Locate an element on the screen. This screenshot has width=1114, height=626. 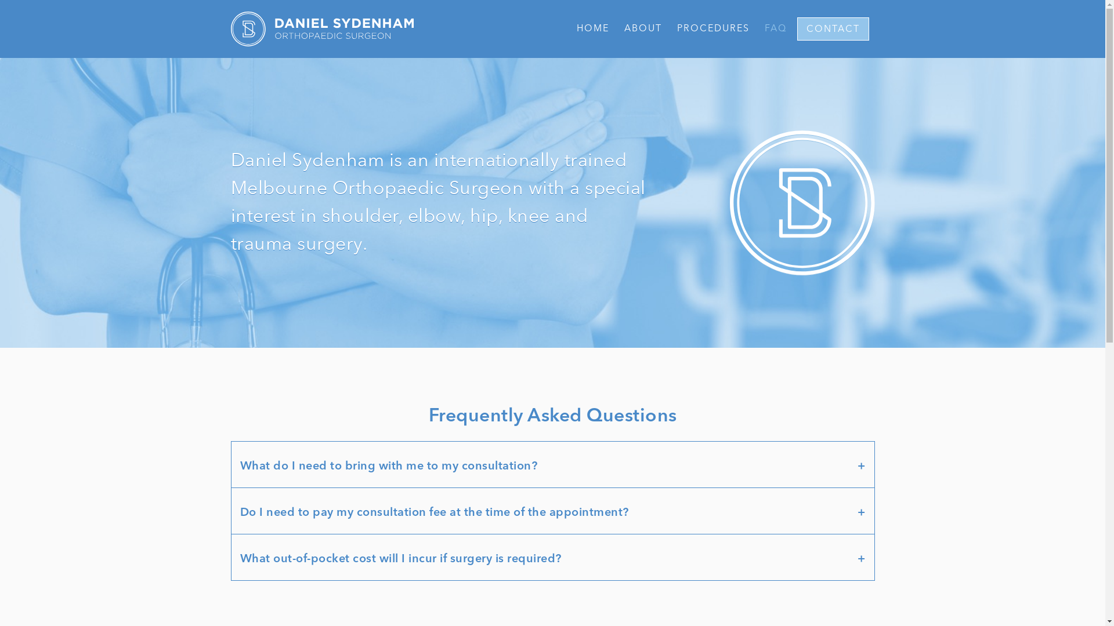
'HOME' is located at coordinates (593, 28).